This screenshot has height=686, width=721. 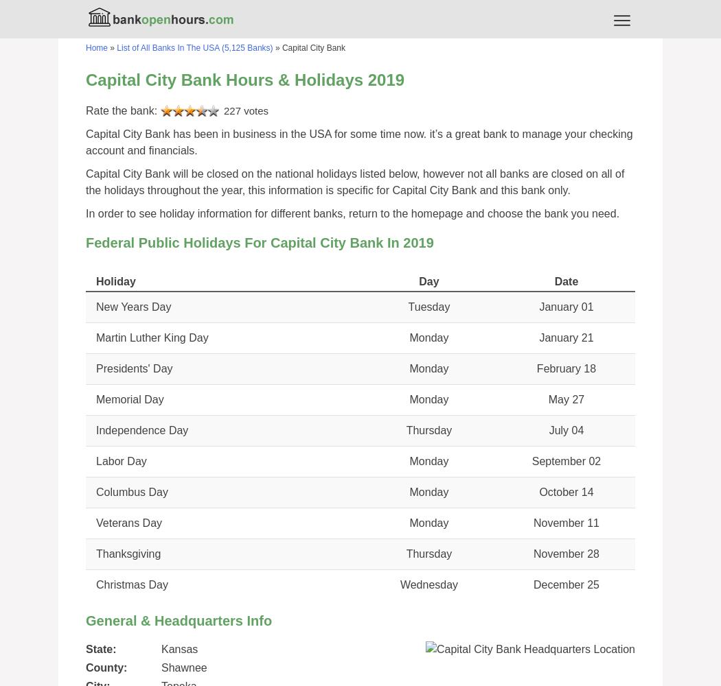 I want to click on 'Independence Day', so click(x=141, y=430).